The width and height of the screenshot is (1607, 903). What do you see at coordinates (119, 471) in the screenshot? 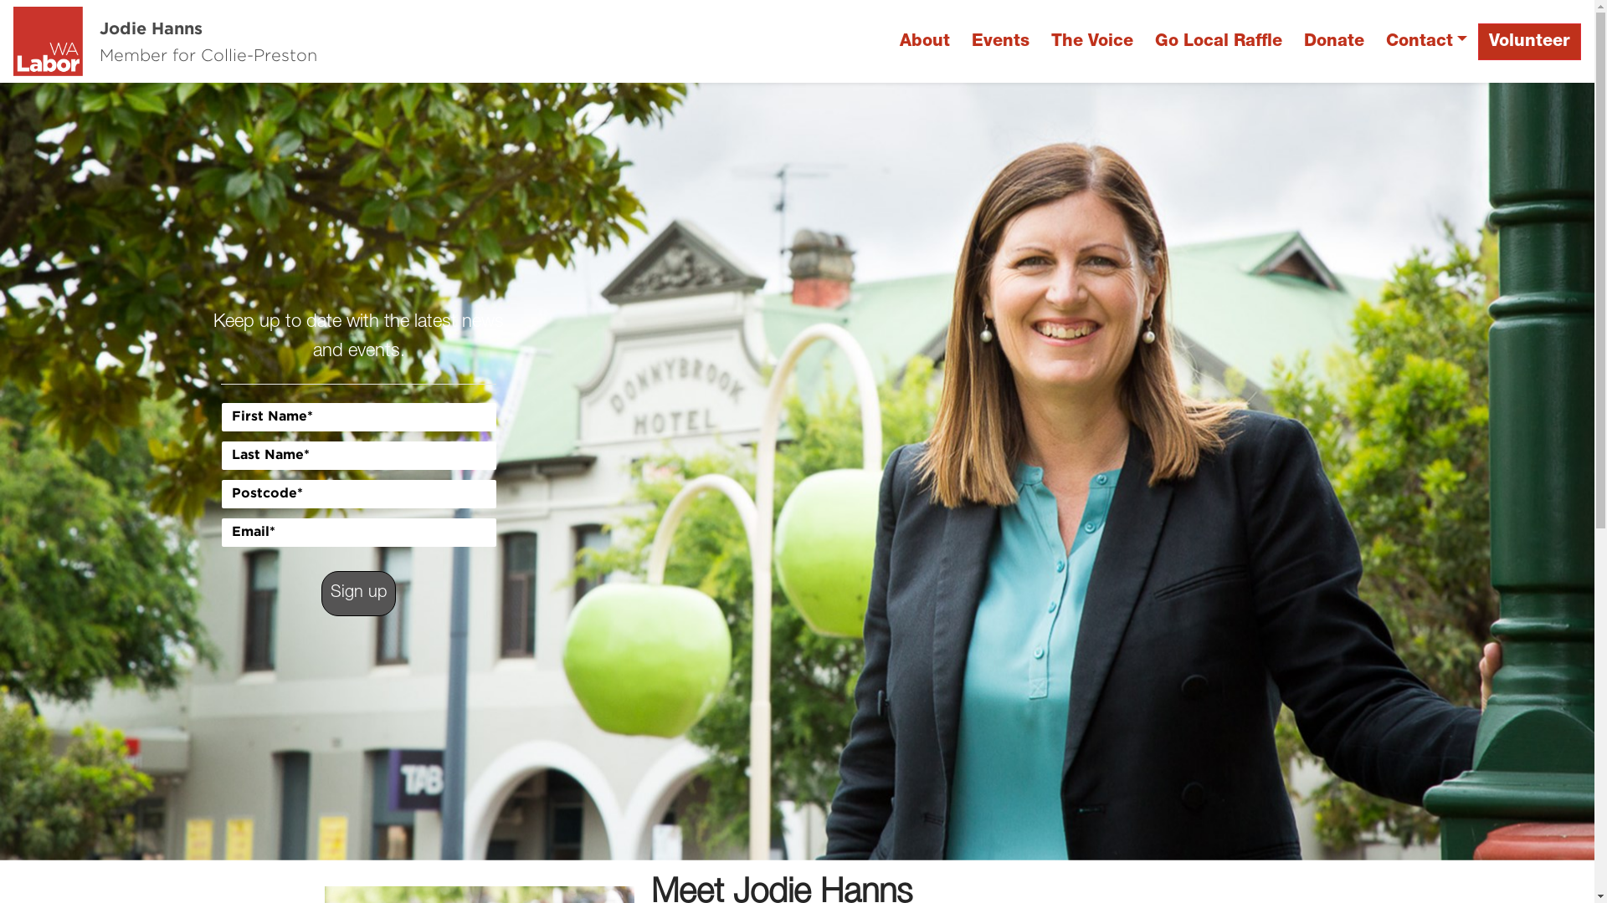
I see `'Previous'` at bounding box center [119, 471].